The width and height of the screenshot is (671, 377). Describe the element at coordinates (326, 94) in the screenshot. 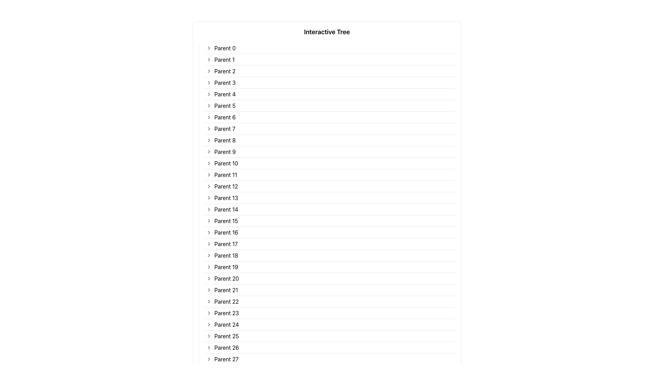

I see `the chevron next to the fifth Tree item in the list` at that location.